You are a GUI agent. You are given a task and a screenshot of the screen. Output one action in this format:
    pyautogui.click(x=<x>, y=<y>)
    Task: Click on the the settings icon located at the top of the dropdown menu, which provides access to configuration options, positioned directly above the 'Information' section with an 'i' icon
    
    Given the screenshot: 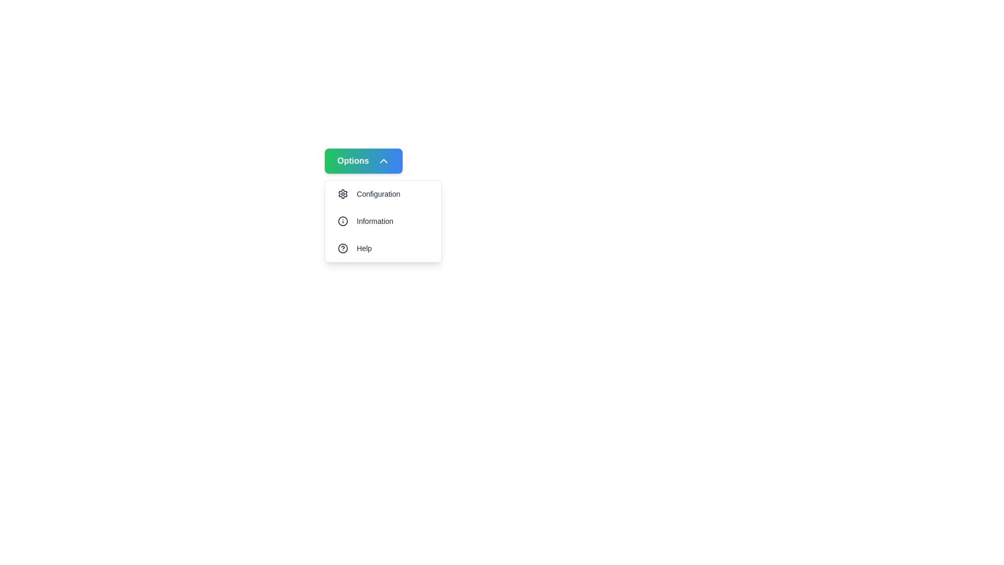 What is the action you would take?
    pyautogui.click(x=343, y=194)
    